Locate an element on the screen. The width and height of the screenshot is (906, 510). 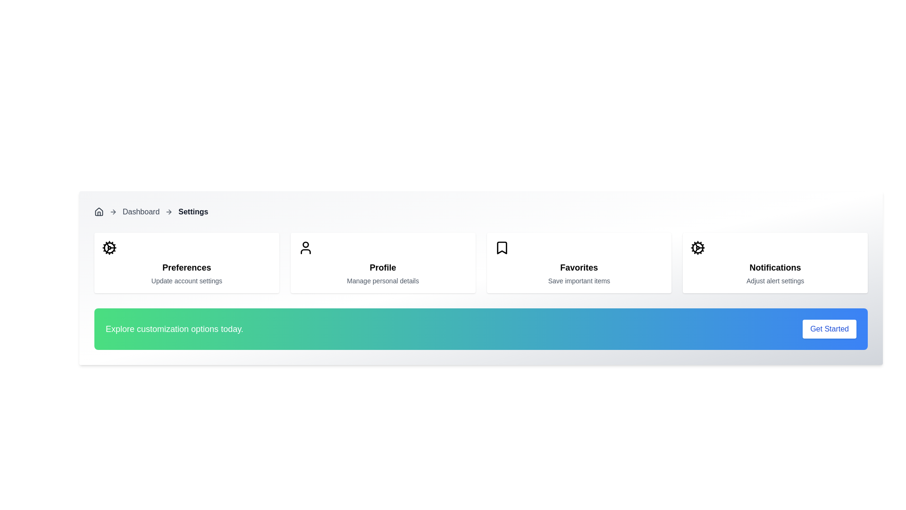
the house icon in the breadcrumb navigation bar at the top-left corner is located at coordinates (99, 211).